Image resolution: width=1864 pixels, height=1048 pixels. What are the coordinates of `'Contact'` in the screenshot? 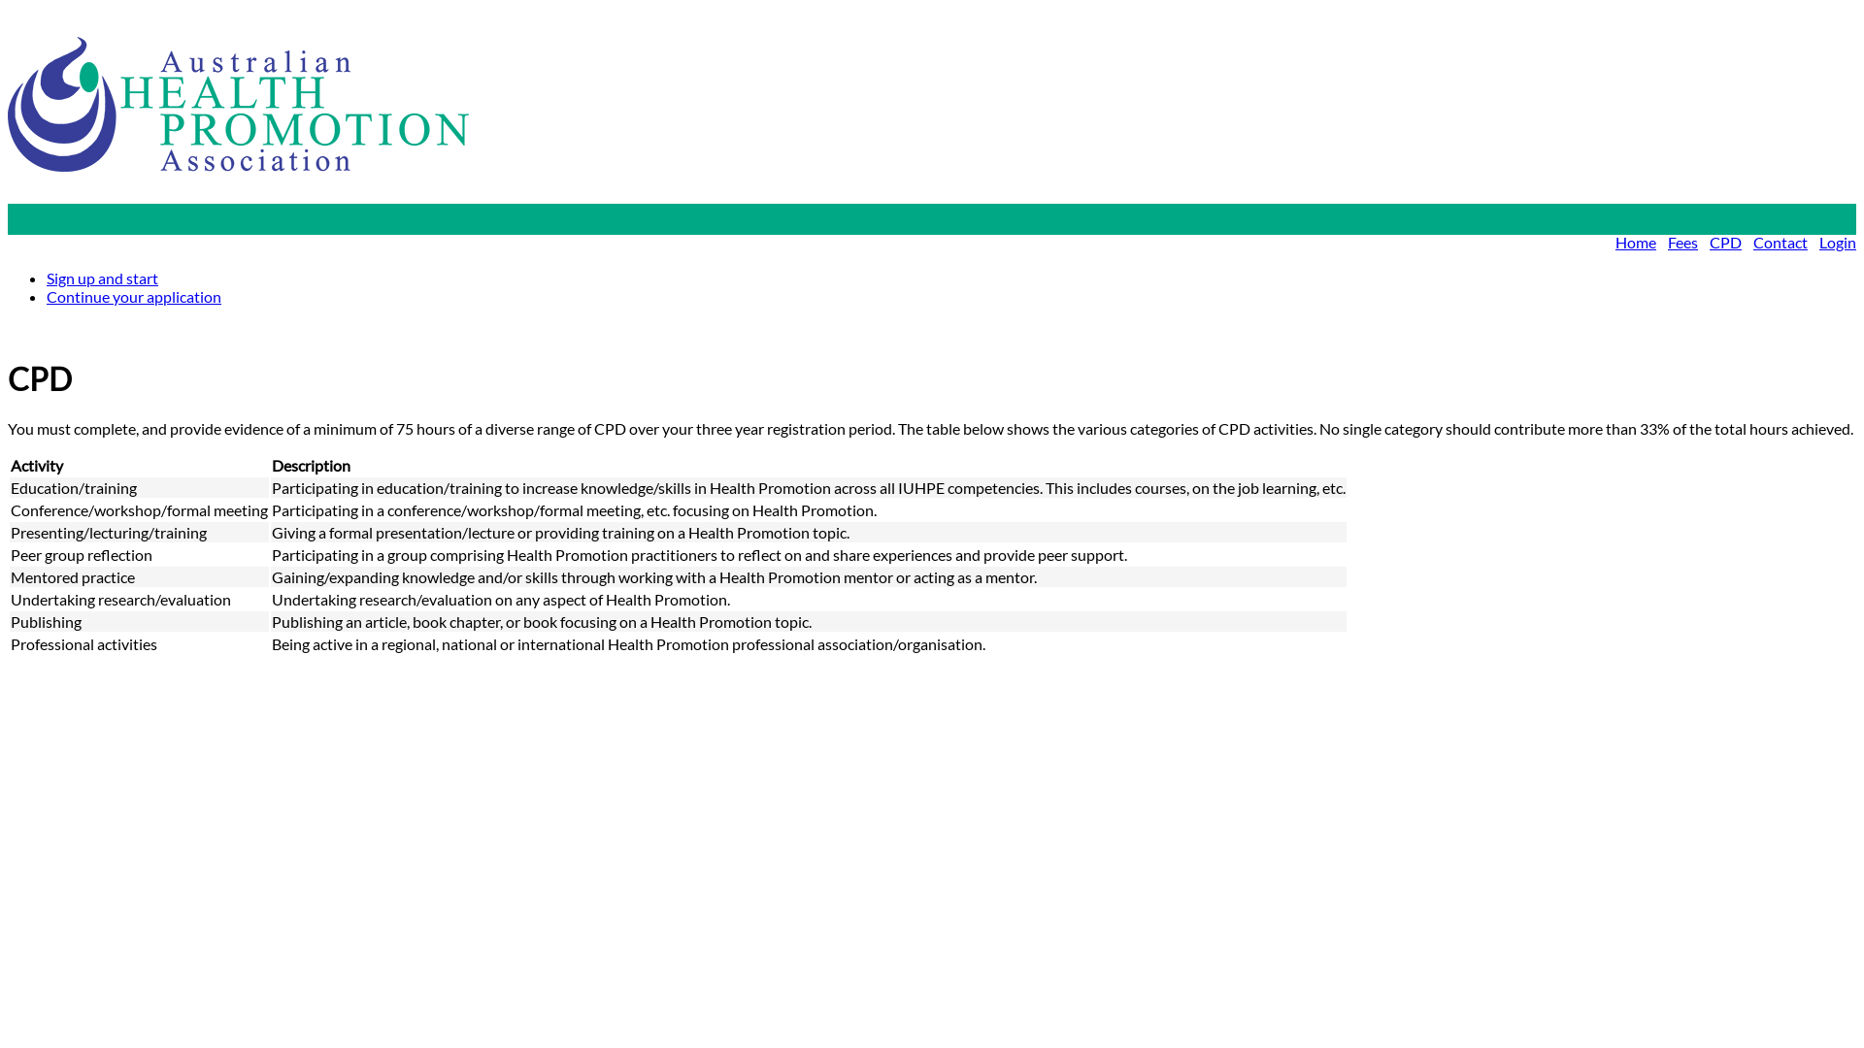 It's located at (1780, 241).